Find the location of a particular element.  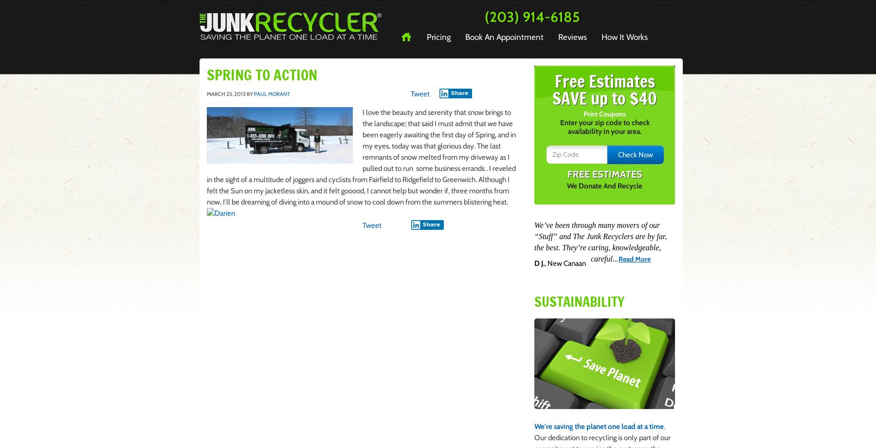

'Enter your zip code to check 
availability in your area.' is located at coordinates (604, 127).